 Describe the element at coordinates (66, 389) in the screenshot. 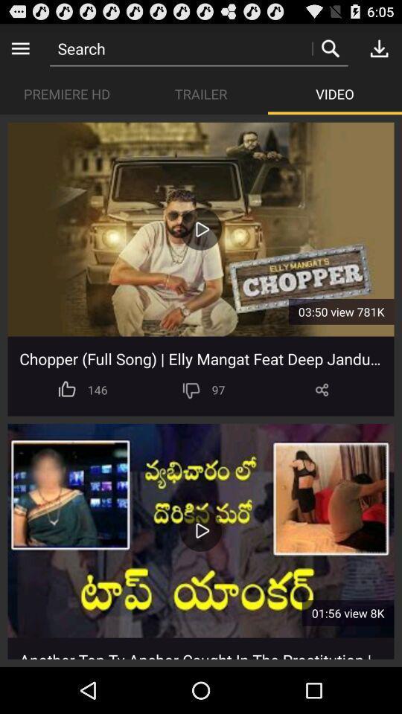

I see `like video` at that location.